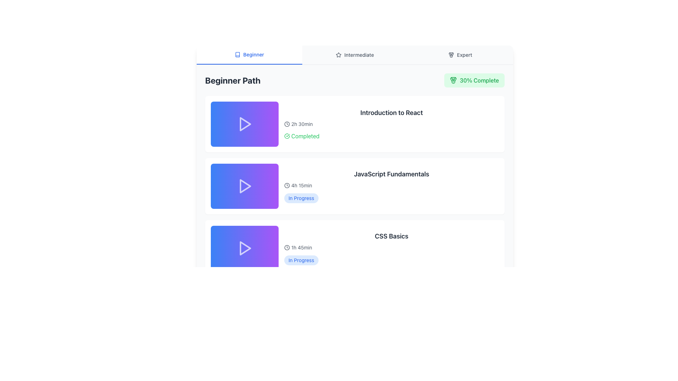 The width and height of the screenshot is (678, 381). I want to click on the play button located in the second module titled 'JavaScript Fundamentals' to initiate playback of the associated content, so click(244, 186).